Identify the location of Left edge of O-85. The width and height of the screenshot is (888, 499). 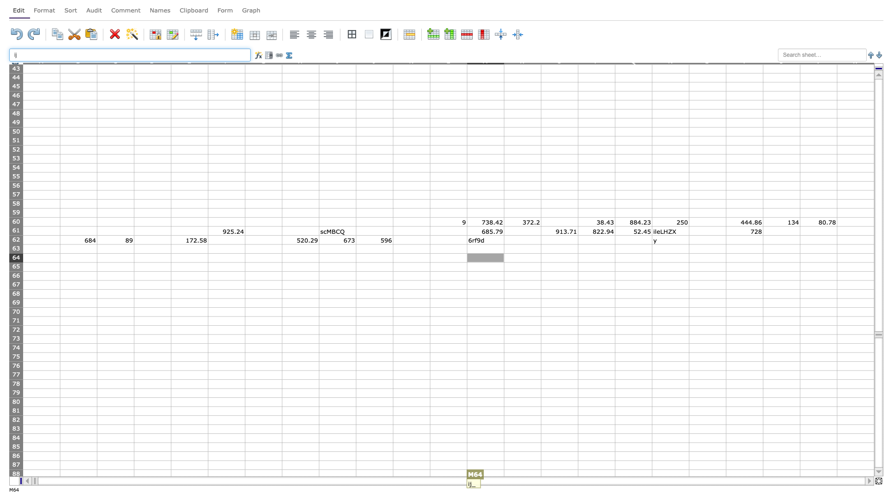
(541, 446).